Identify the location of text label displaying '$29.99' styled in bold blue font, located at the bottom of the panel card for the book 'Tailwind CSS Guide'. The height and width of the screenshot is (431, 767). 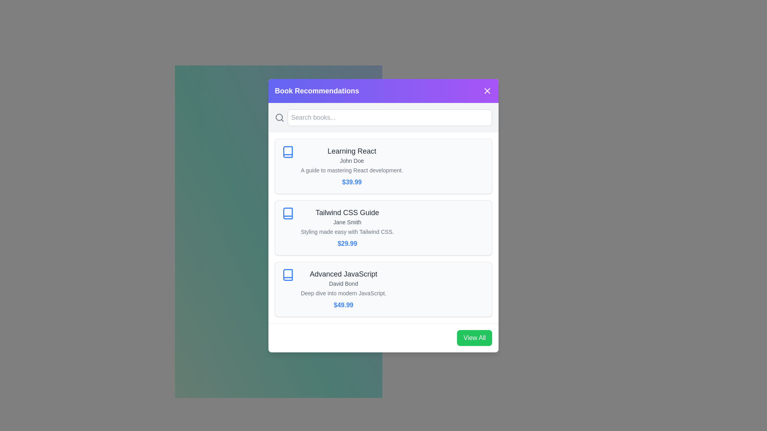
(347, 243).